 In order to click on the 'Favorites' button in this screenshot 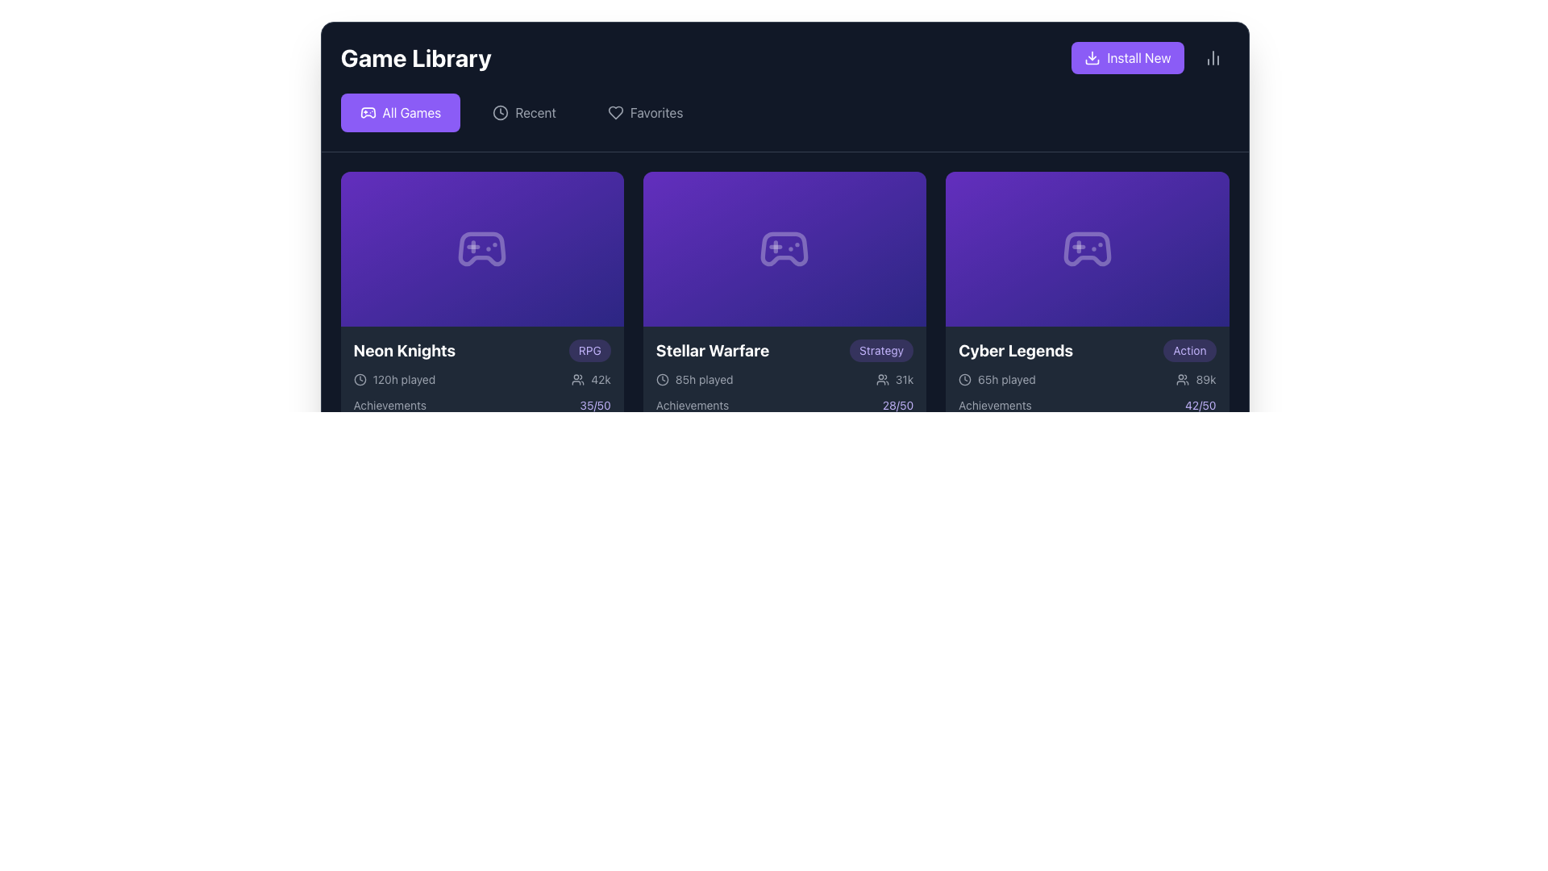, I will do `click(645, 111)`.